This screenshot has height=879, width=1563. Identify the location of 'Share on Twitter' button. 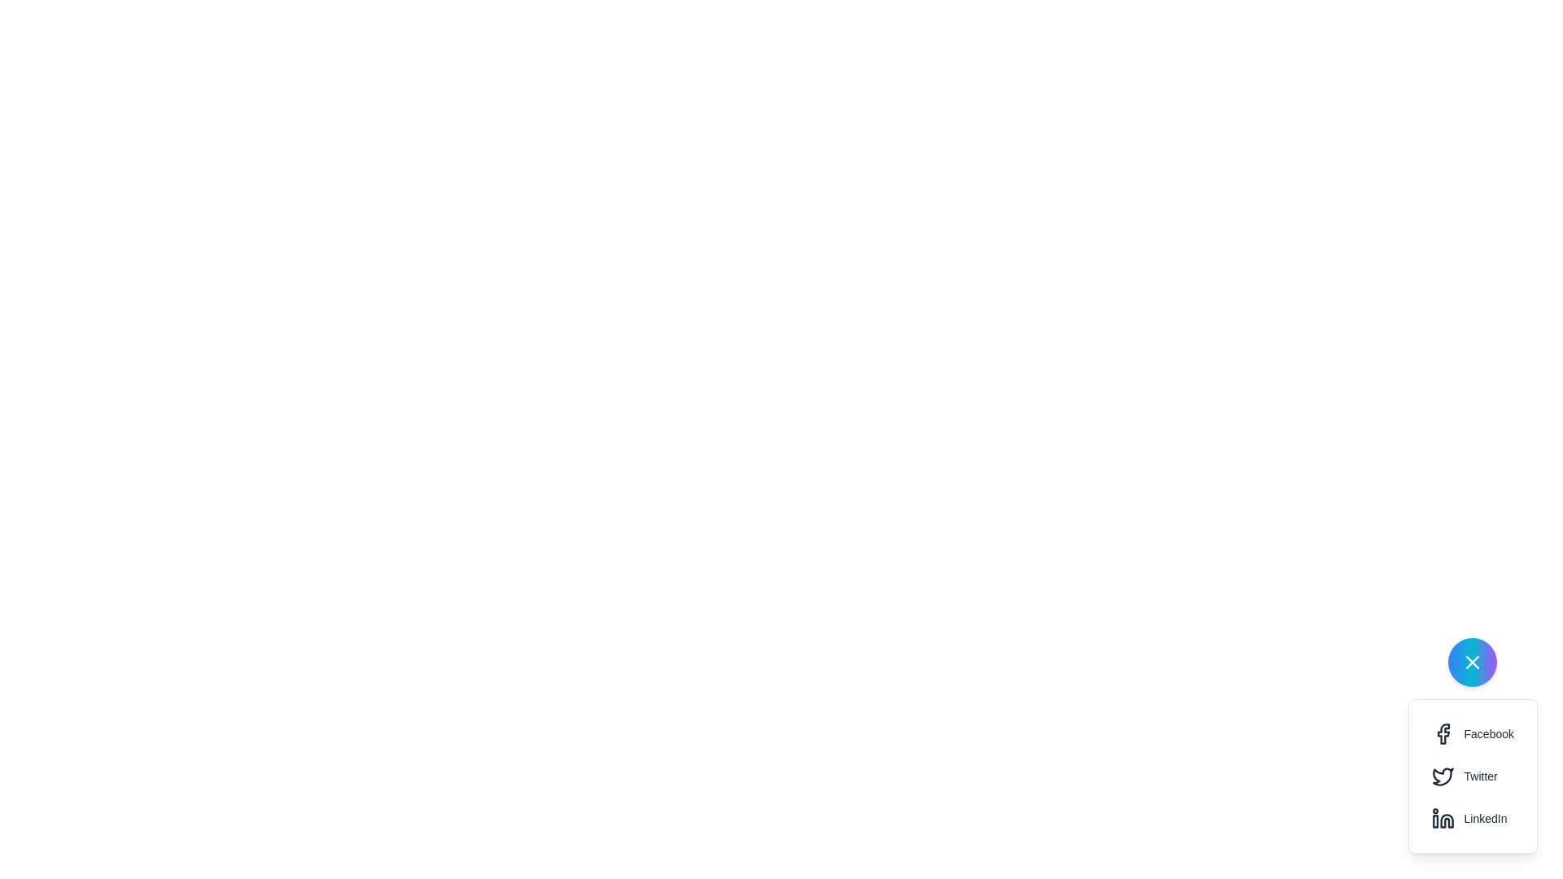
(1464, 775).